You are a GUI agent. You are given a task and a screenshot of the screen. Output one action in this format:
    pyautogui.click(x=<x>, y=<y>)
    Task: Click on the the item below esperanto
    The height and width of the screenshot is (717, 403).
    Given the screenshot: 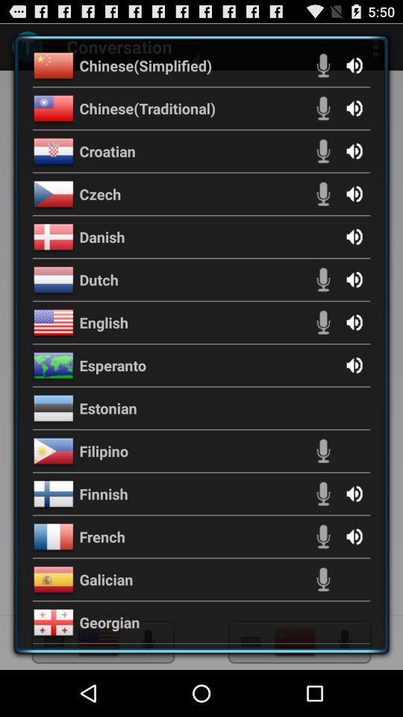 What is the action you would take?
    pyautogui.click(x=107, y=408)
    